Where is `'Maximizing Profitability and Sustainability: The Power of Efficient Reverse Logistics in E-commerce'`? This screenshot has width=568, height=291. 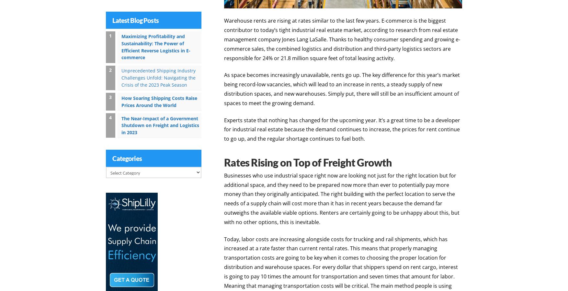
'Maximizing Profitability and Sustainability: The Power of Efficient Reverse Logistics in E-commerce' is located at coordinates (155, 46).